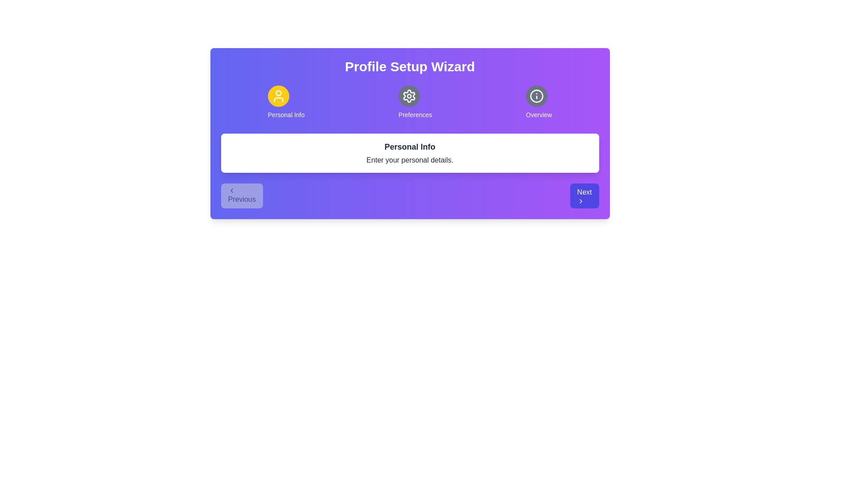  Describe the element at coordinates (536, 96) in the screenshot. I see `the icon representing Overview to explore its hover effects or tooltips` at that location.